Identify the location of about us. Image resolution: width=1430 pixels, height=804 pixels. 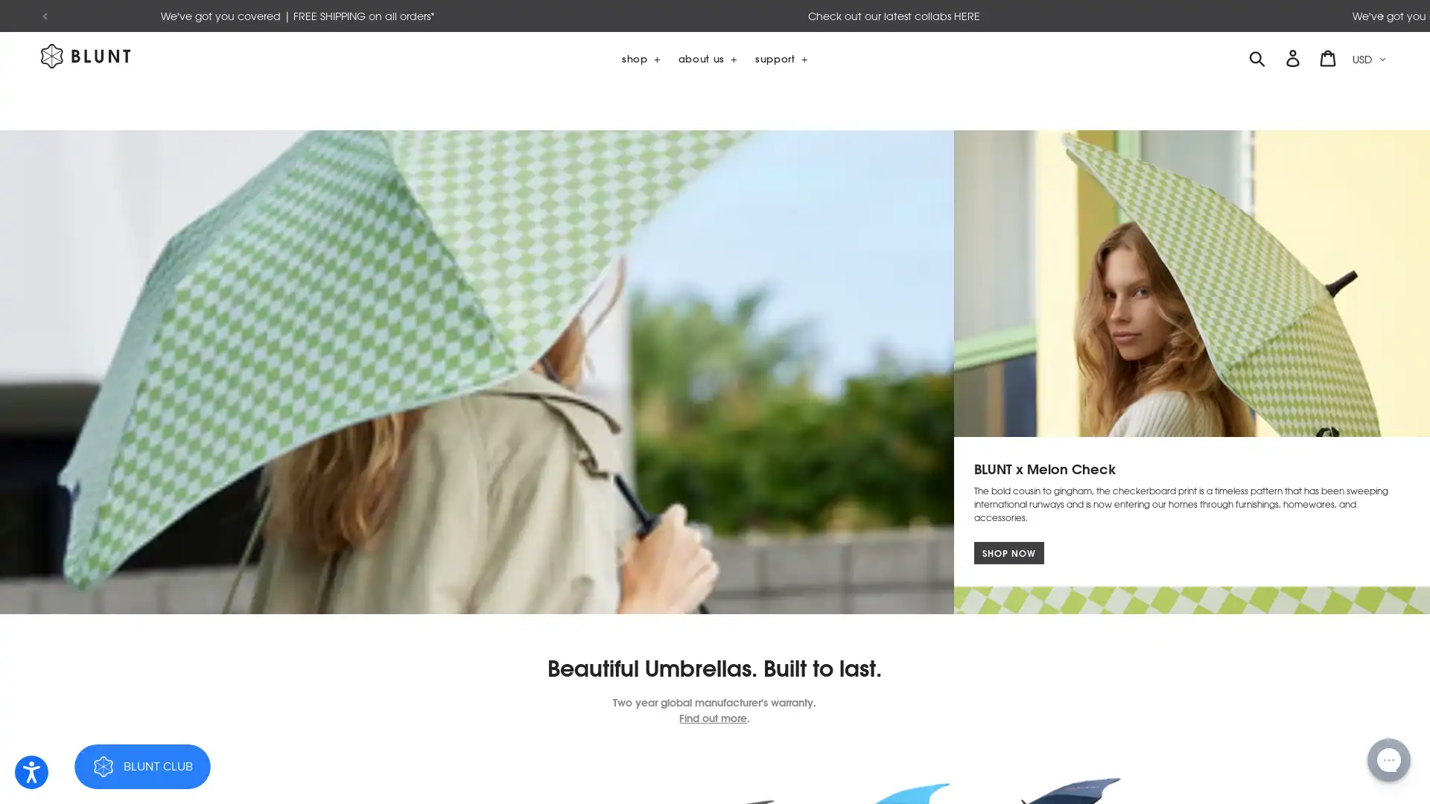
(707, 57).